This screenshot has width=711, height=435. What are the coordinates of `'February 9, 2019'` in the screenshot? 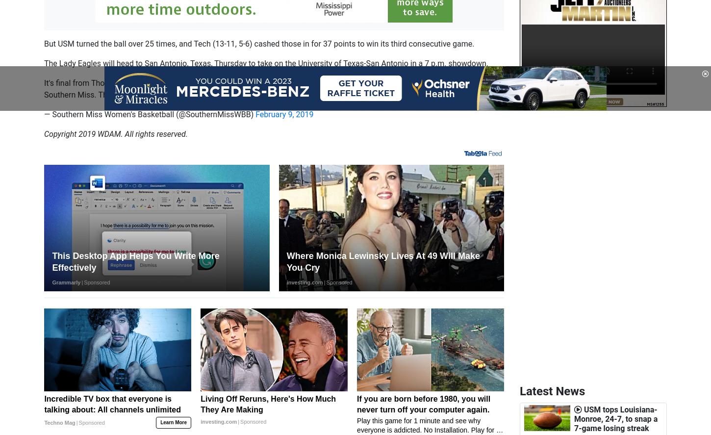 It's located at (284, 114).